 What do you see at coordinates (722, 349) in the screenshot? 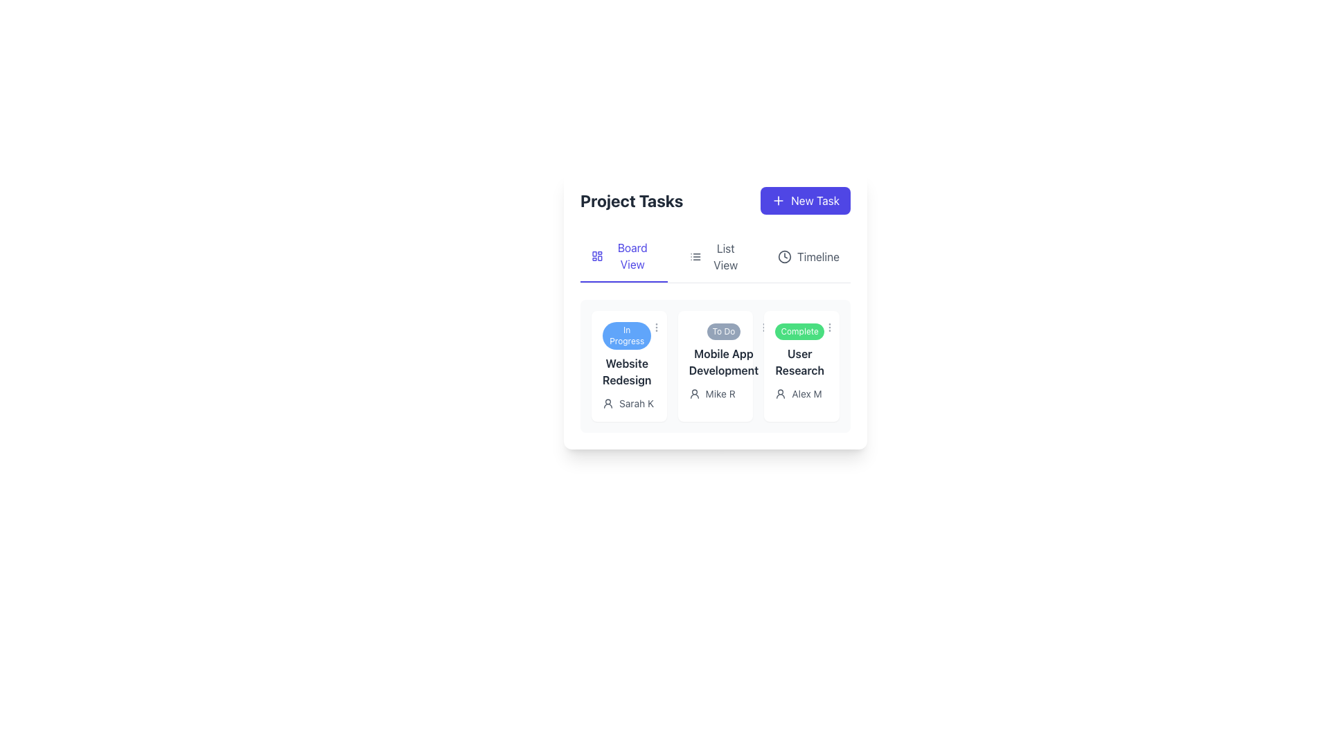
I see `the Task card labeled 'Mobile App Development' with the badge 'To Do'` at bounding box center [722, 349].